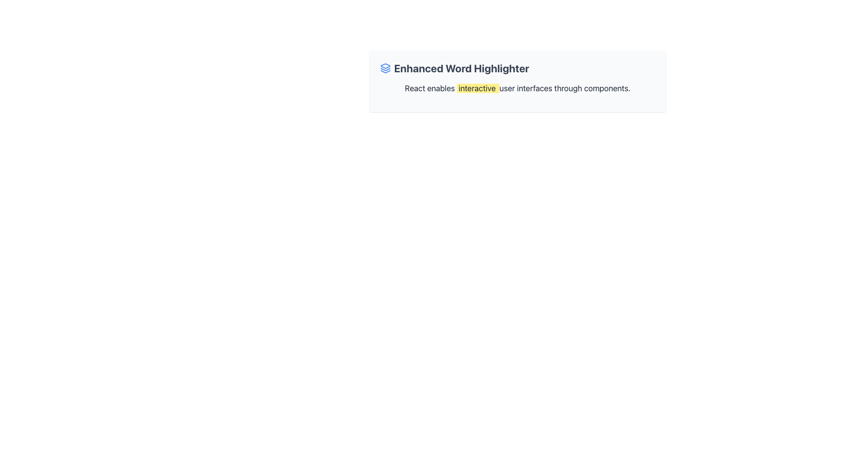 This screenshot has height=476, width=847. Describe the element at coordinates (478, 88) in the screenshot. I see `the text element that highlights the word 'interactive' in the sentence 'React enables interactive user interfaces through components.'` at that location.